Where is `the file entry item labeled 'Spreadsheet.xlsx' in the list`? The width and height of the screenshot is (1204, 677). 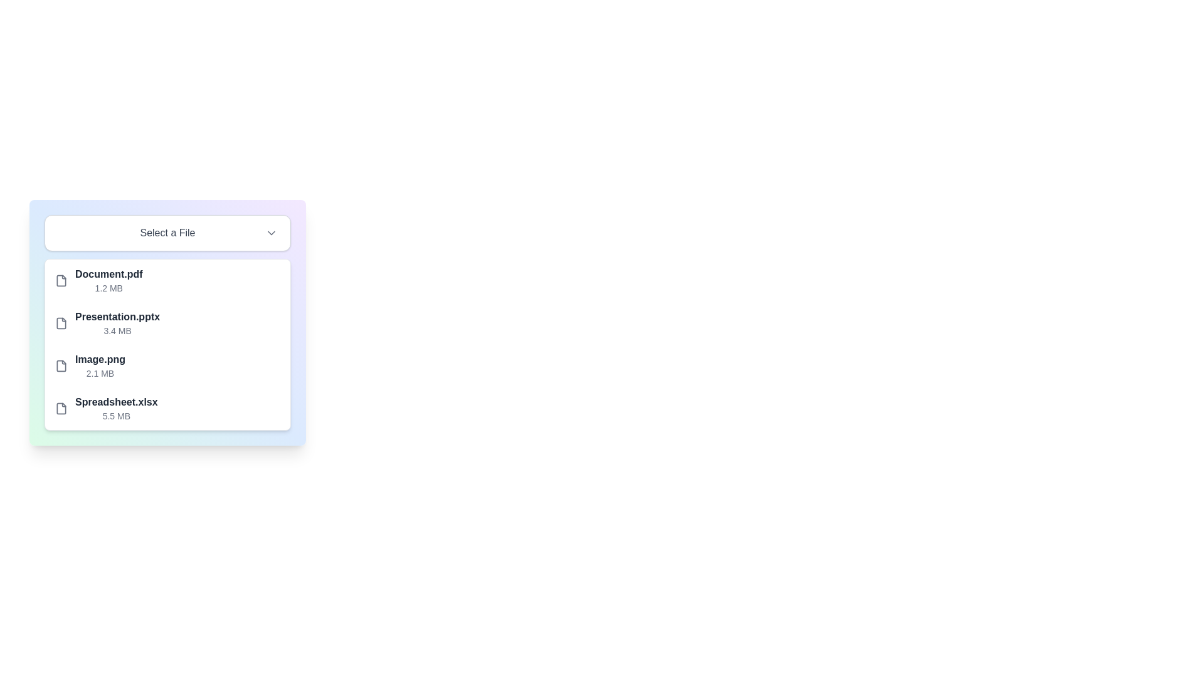
the file entry item labeled 'Spreadsheet.xlsx' in the list is located at coordinates (167, 408).